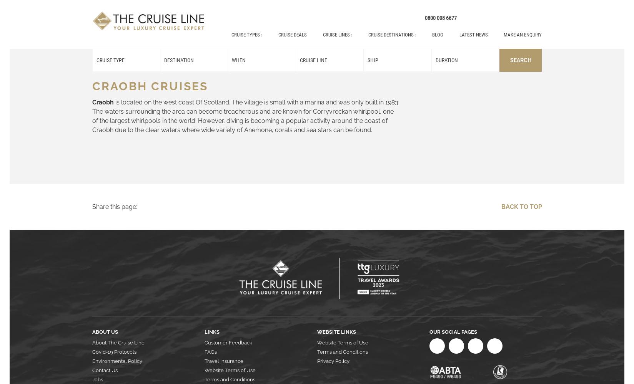  I want to click on 'Search', so click(509, 60).